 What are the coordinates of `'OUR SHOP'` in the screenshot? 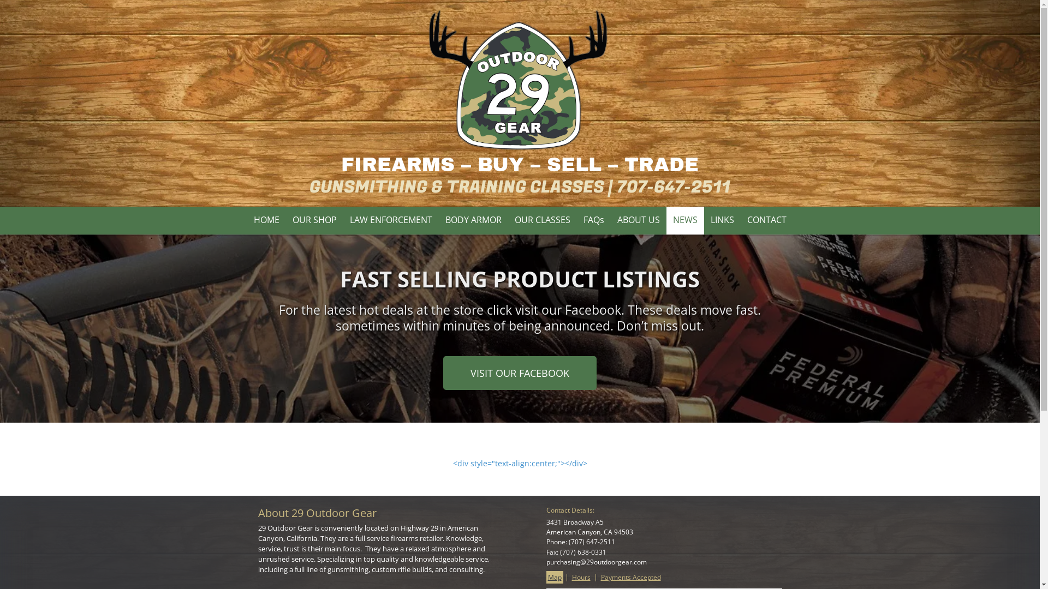 It's located at (314, 220).